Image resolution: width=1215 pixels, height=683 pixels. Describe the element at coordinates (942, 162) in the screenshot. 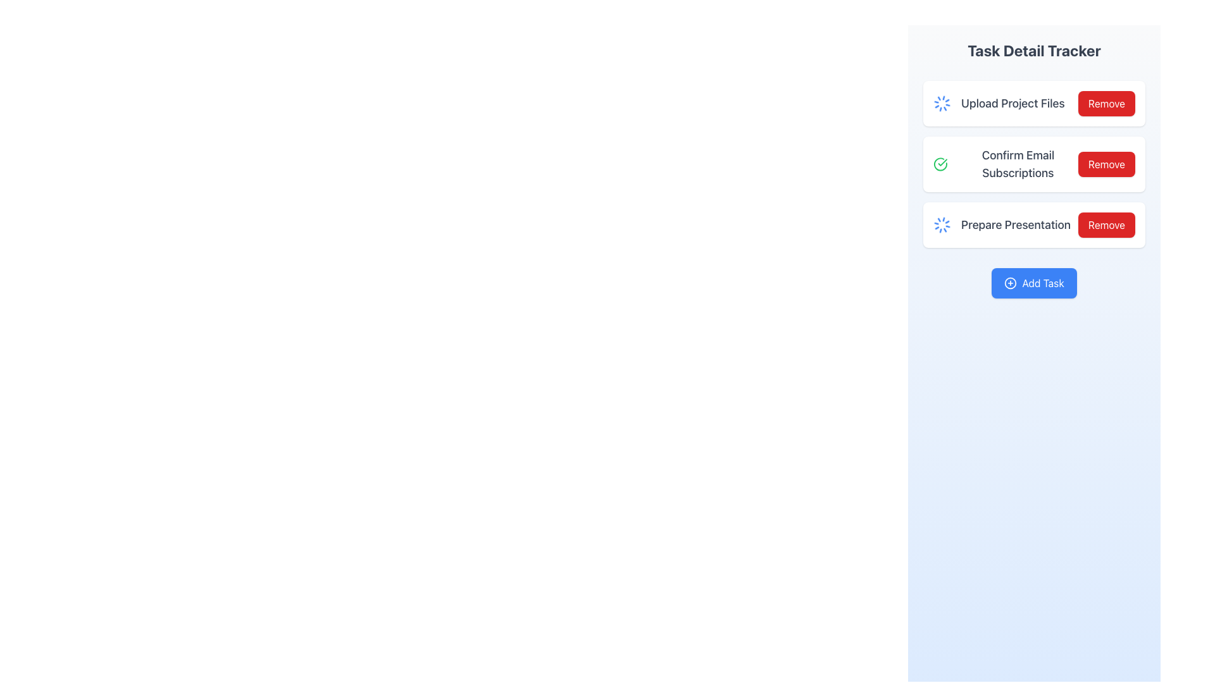

I see `the task completion icon located to the left of the 'Confirm Email Subscriptions' text within the second task item of the 'Task Detail Tracker' panel` at that location.